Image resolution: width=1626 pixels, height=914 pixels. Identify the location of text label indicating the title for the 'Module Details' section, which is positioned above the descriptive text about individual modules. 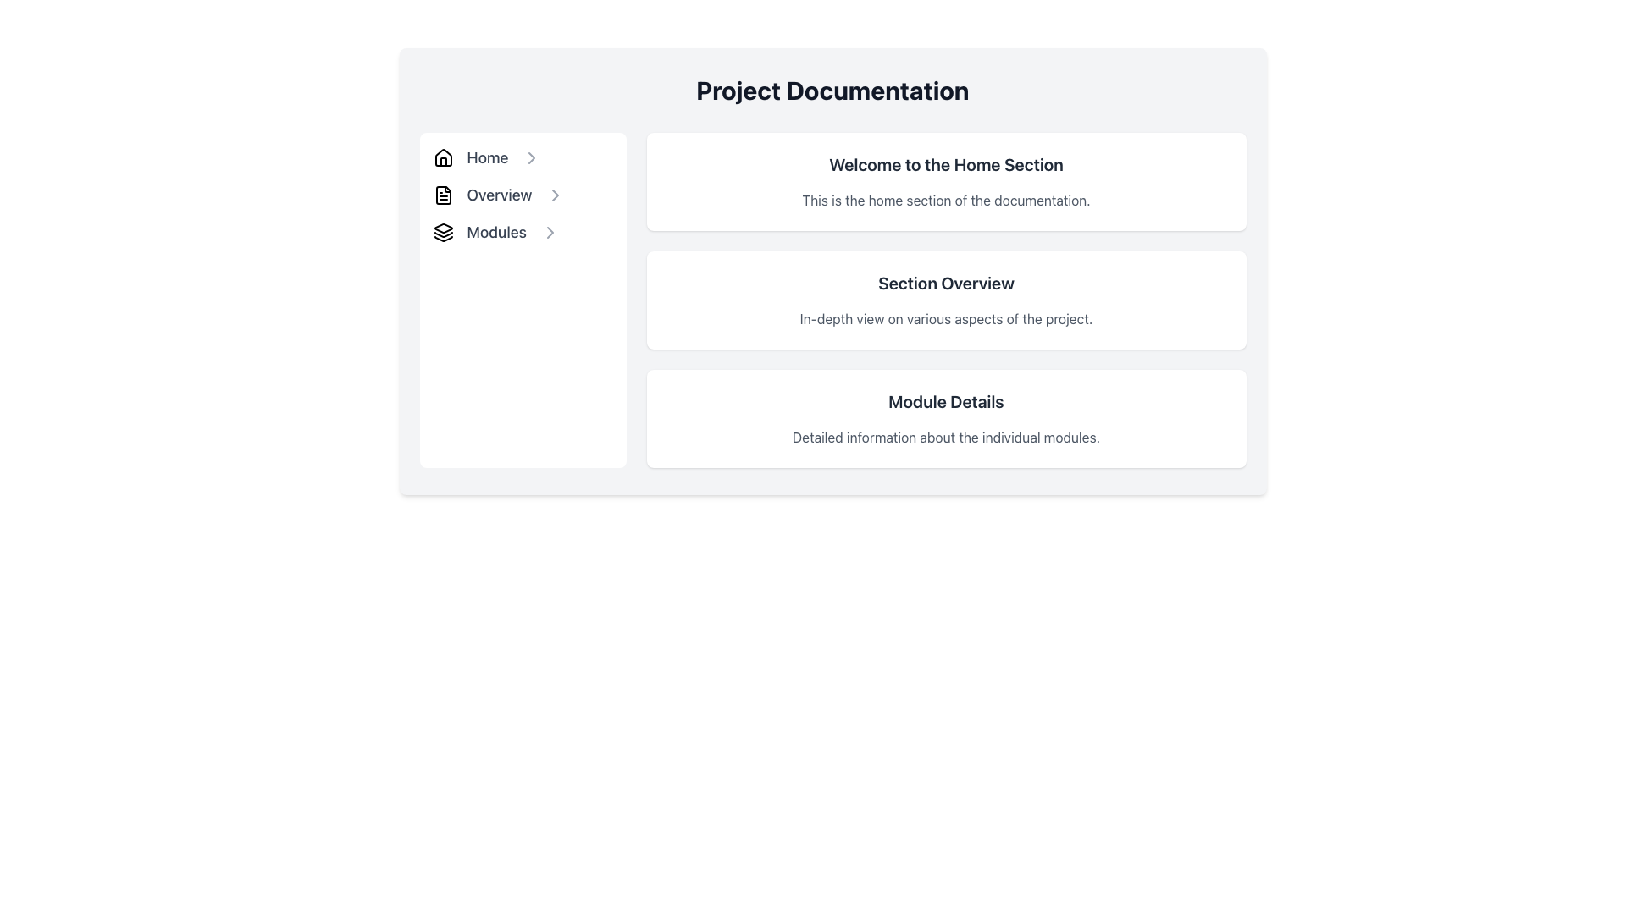
(945, 401).